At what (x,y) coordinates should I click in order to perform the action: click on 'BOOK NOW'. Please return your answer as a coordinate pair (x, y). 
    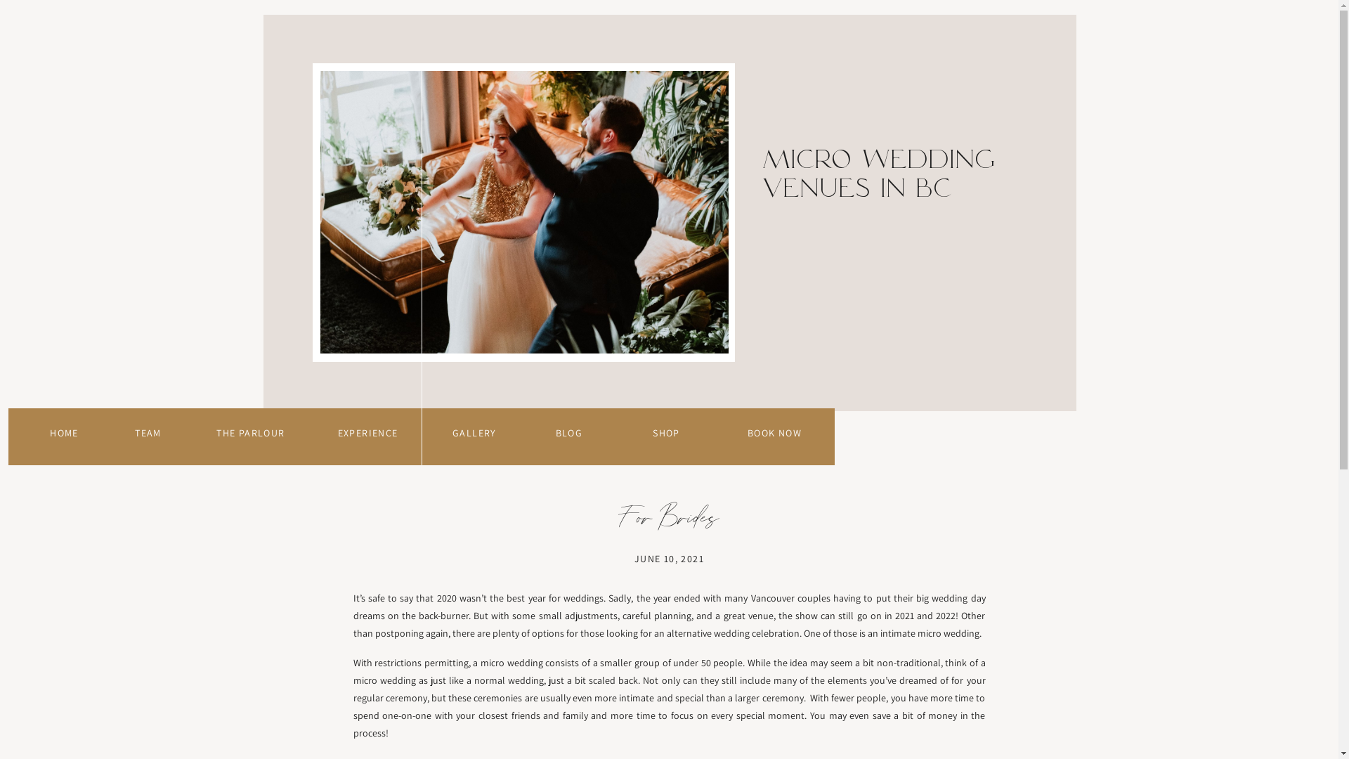
    Looking at the image, I should click on (774, 430).